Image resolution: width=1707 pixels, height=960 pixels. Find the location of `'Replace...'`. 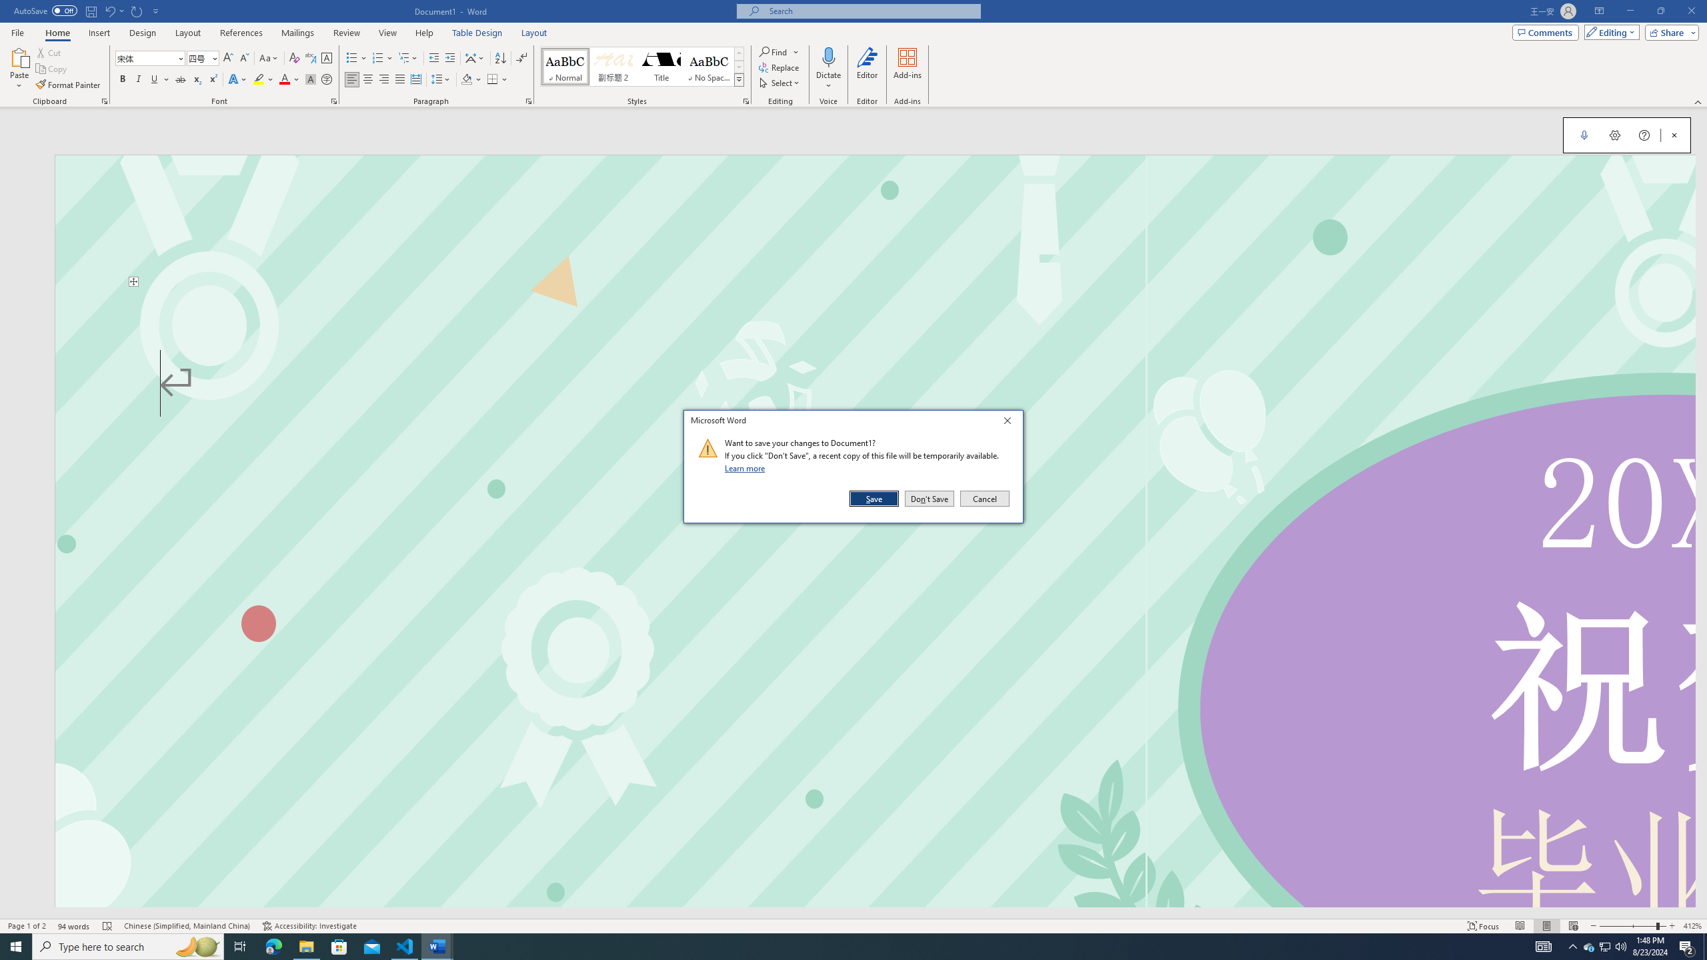

'Replace...' is located at coordinates (779, 66).